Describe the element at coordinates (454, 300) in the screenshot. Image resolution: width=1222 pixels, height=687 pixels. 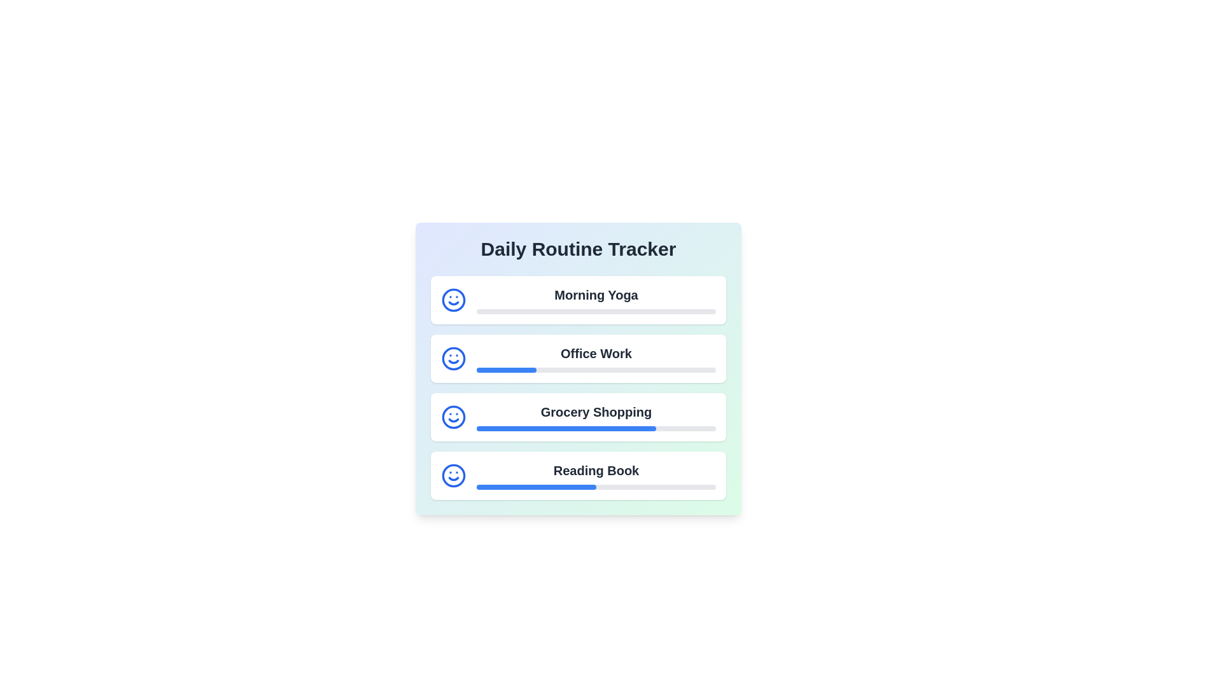
I see `the completion icon of the task with 100% progress` at that location.